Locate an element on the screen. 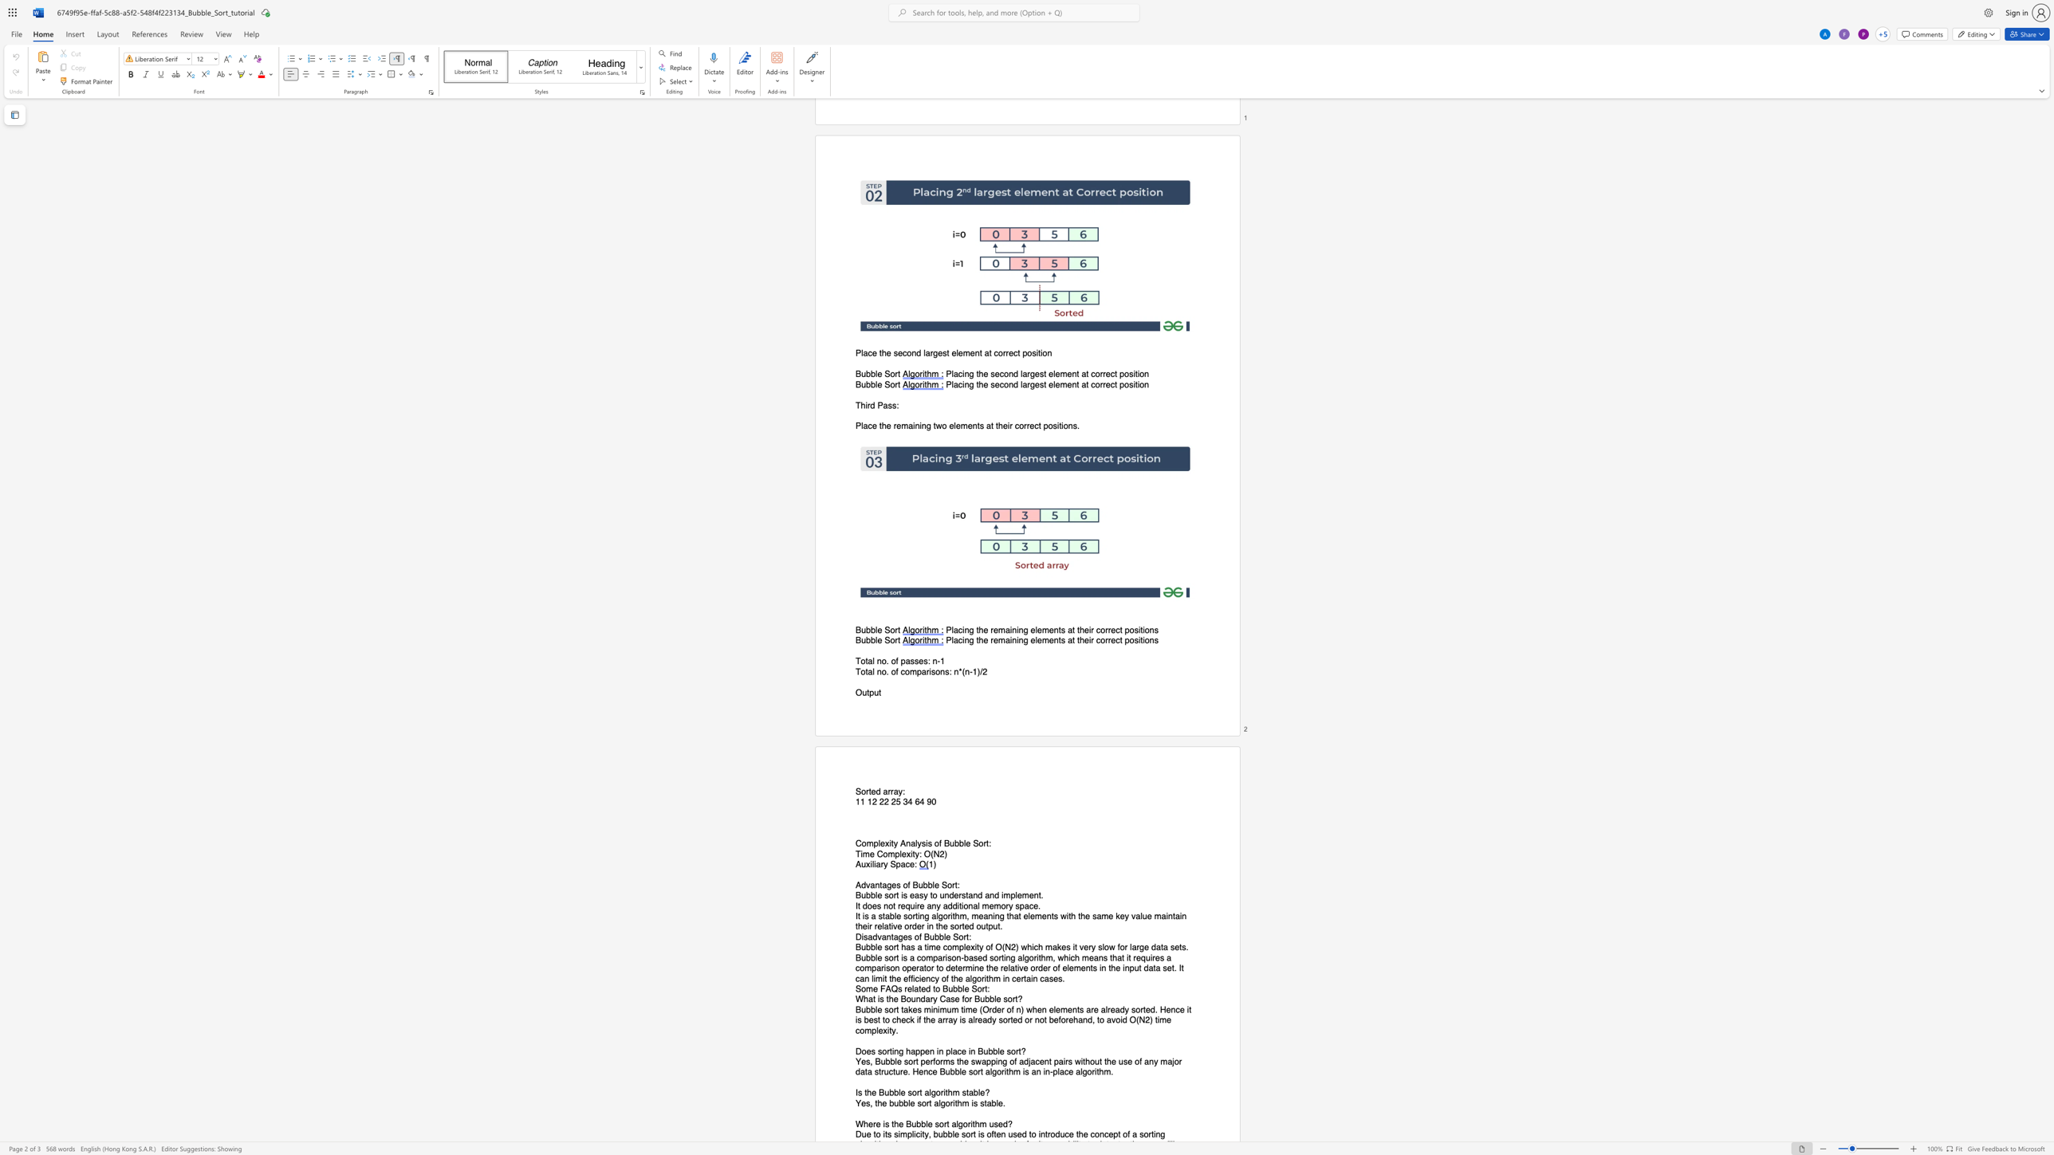 This screenshot has height=1155, width=2054. the 9th character "e" in the text is located at coordinates (1150, 915).